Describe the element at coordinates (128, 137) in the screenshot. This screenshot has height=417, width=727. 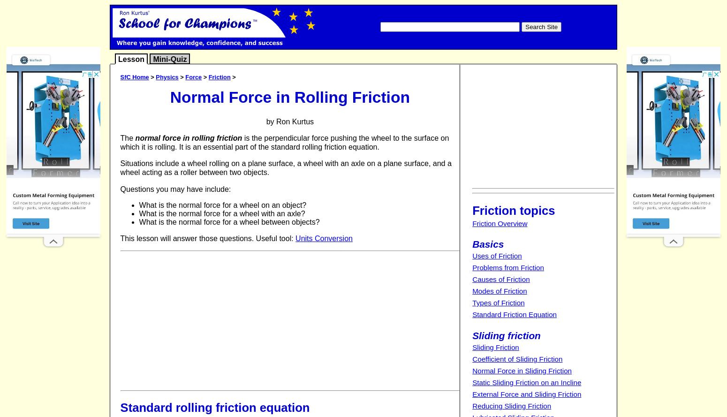
I see `'The'` at that location.